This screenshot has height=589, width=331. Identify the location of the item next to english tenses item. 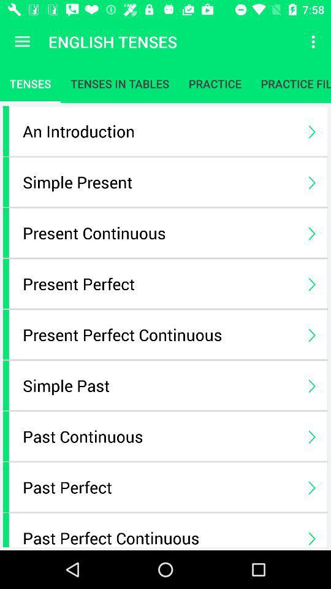
(314, 42).